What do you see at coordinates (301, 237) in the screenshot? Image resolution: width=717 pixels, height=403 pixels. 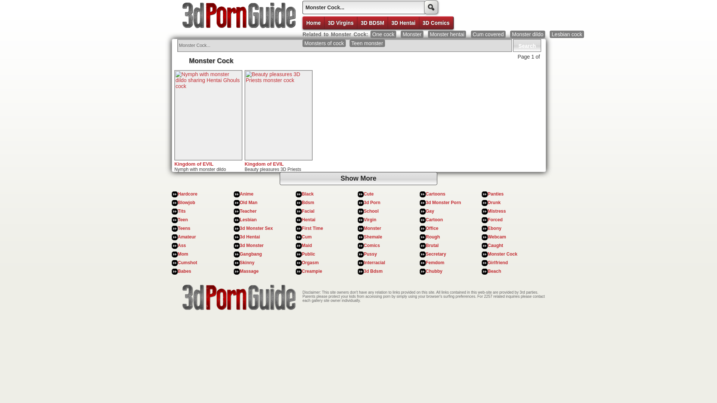 I see `'Cum'` at bounding box center [301, 237].